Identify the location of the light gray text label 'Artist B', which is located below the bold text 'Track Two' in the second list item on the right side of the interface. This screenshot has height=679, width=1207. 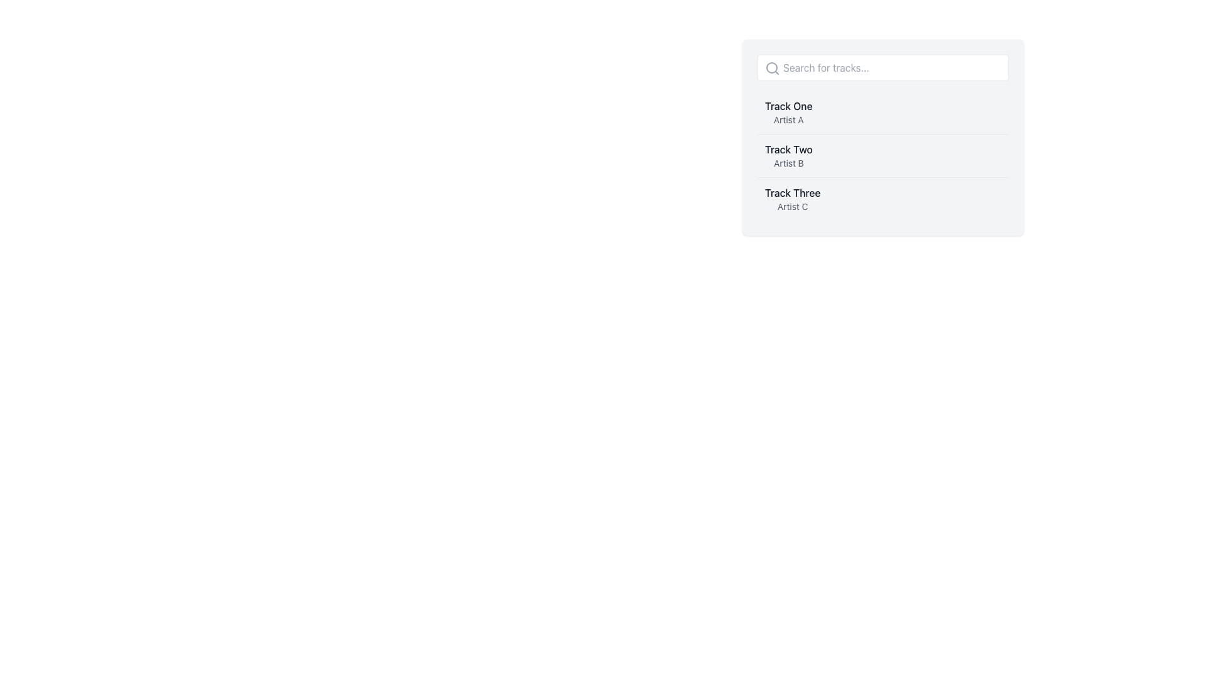
(788, 162).